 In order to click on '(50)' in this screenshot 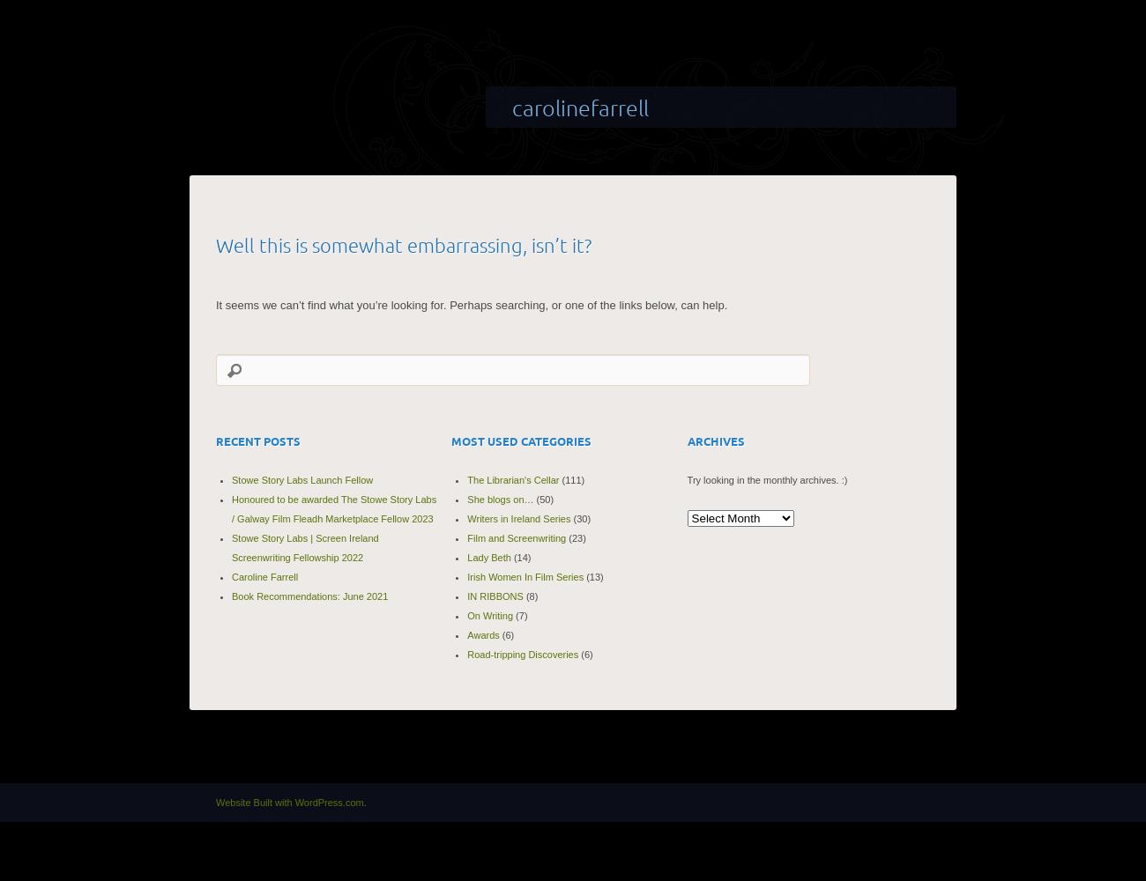, I will do `click(533, 498)`.